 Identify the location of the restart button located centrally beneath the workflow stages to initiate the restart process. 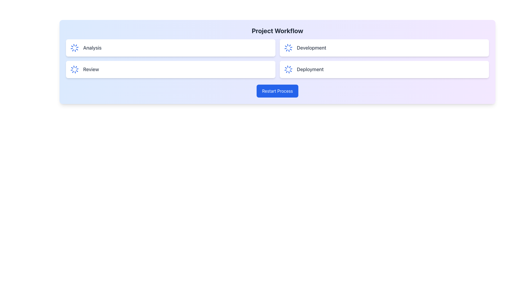
(277, 91).